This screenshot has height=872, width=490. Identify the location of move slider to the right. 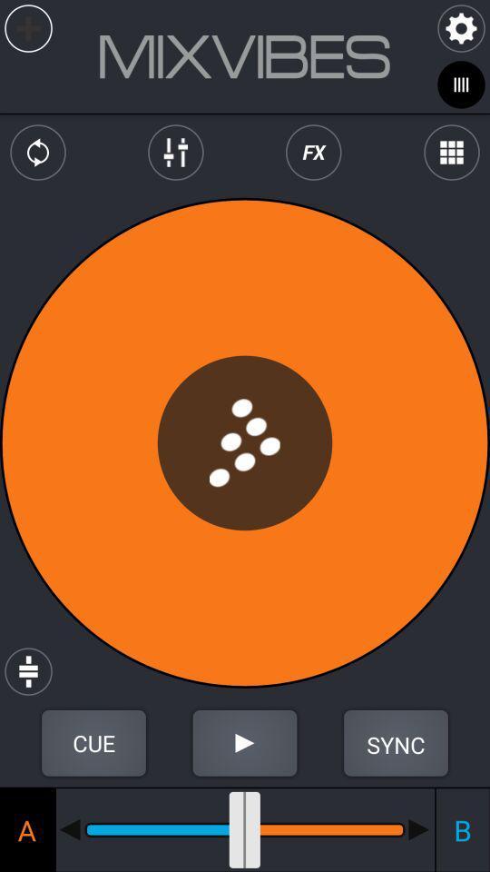
(419, 829).